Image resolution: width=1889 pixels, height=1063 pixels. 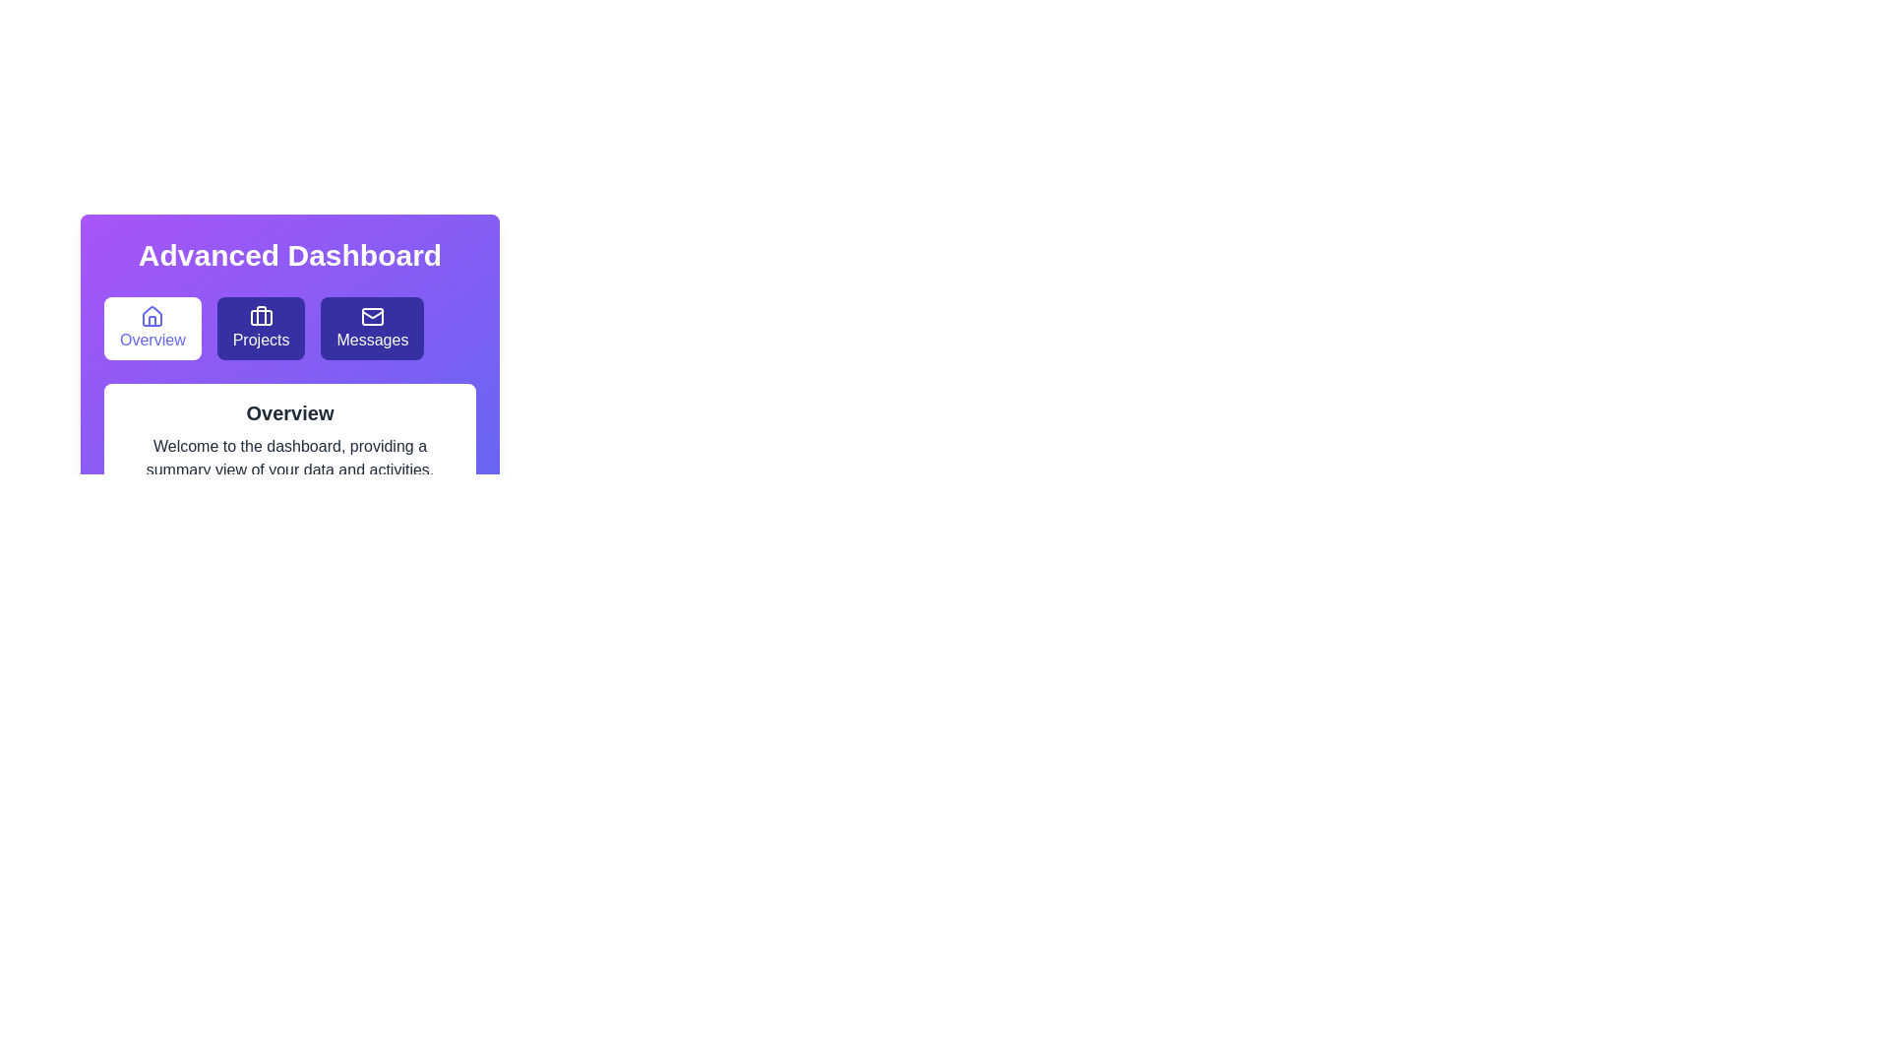 I want to click on the Projects tab by clicking its button, so click(x=259, y=328).